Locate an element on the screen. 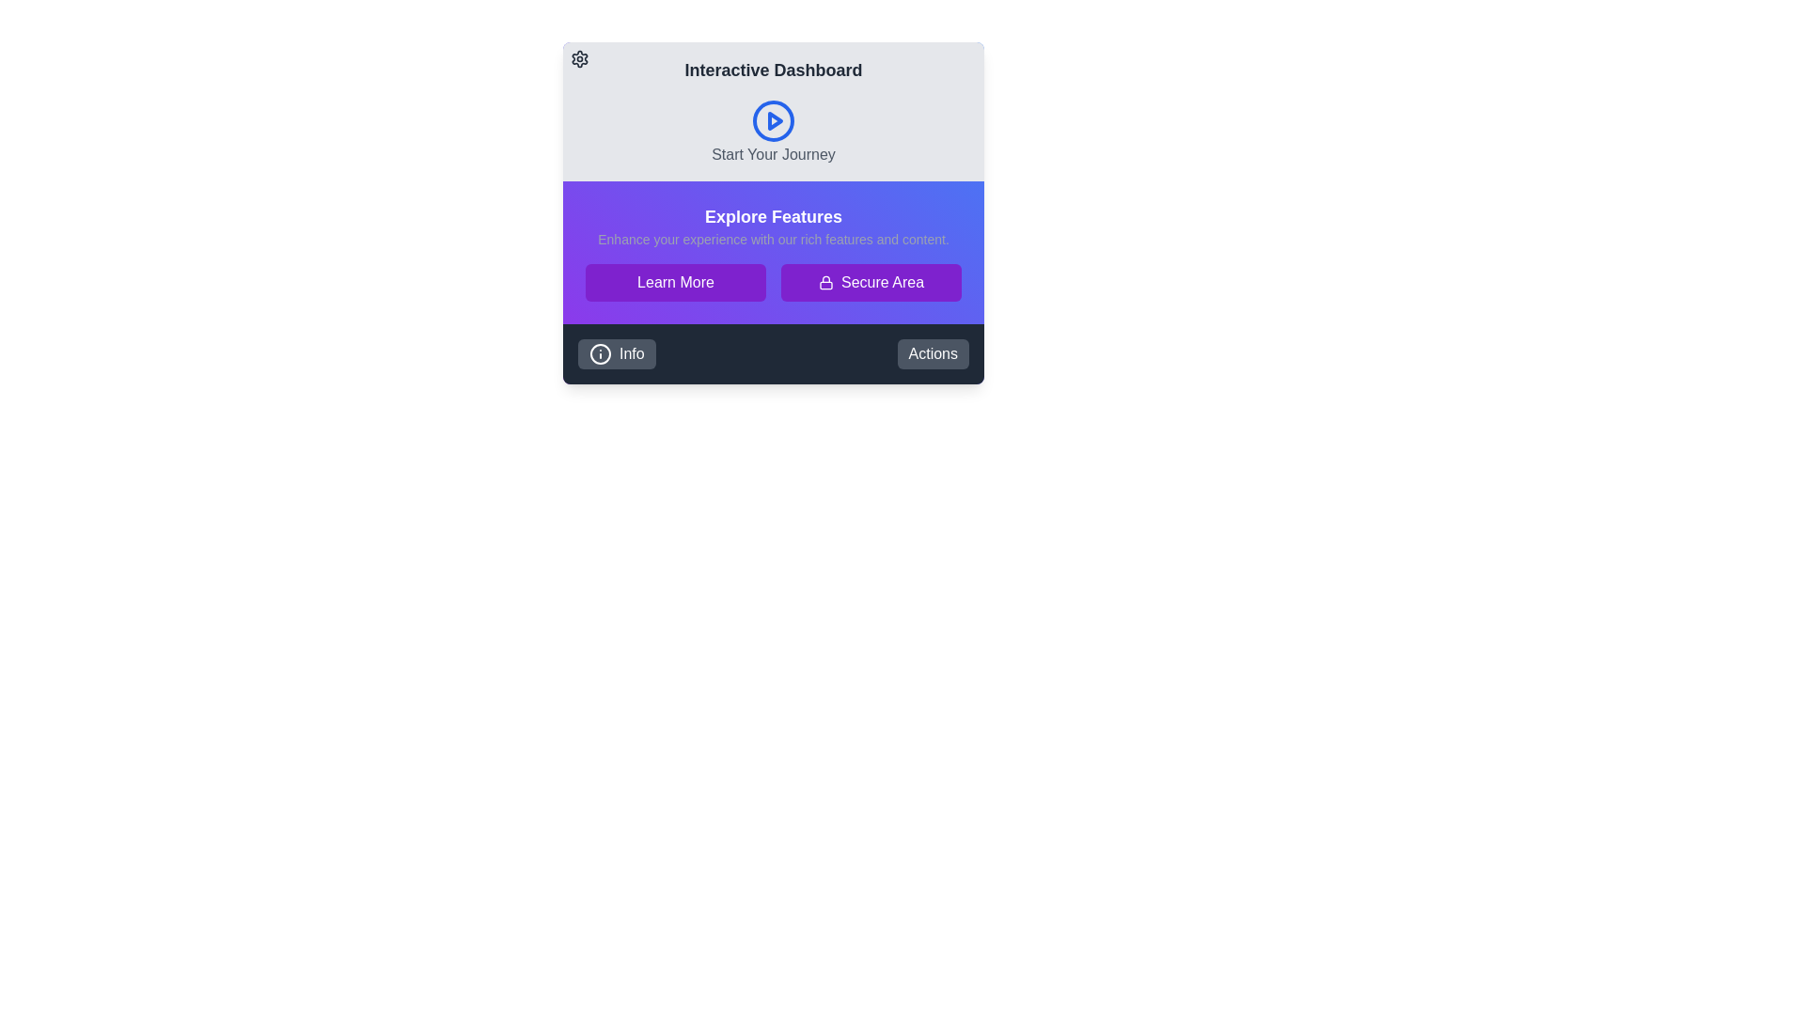  the modern lock icon located within the 'Secure Area' button, which has a purple background and is positioned at the bottom center of the interface, just to the left of the button's text is located at coordinates (825, 282).